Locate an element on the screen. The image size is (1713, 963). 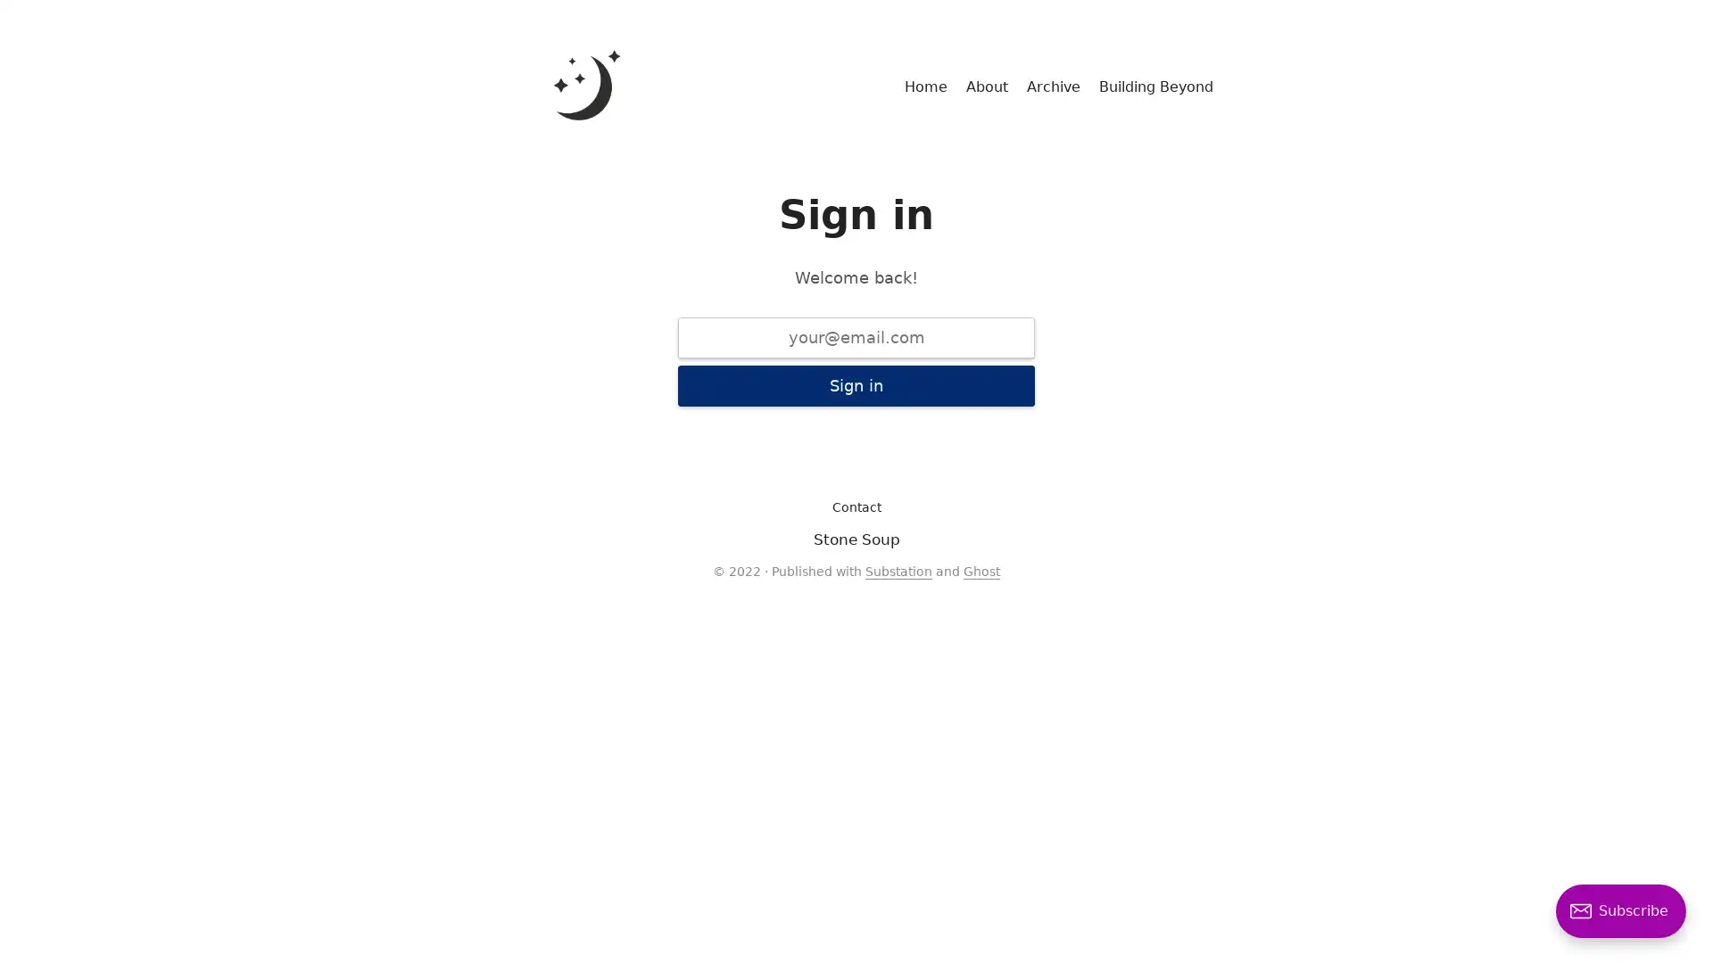
Sign in is located at coordinates (856, 384).